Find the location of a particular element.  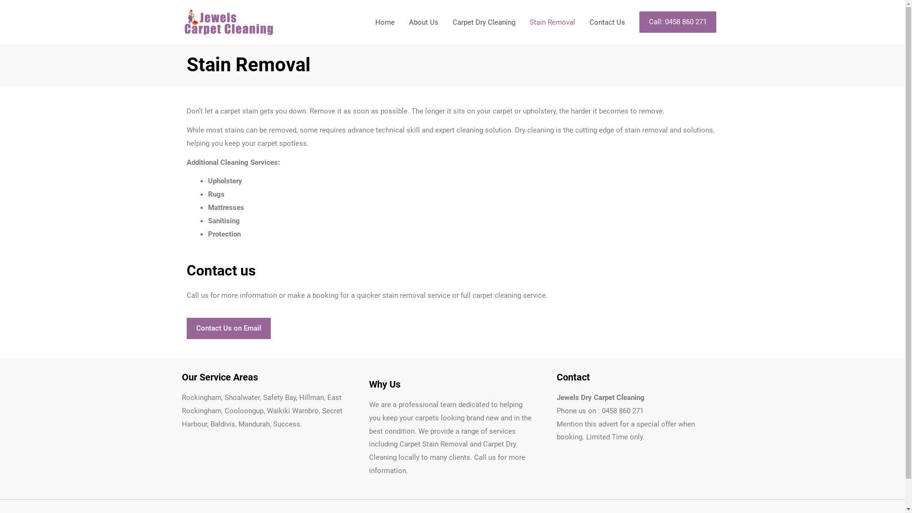

'Carpet Dry Cleaning' is located at coordinates (445, 21).